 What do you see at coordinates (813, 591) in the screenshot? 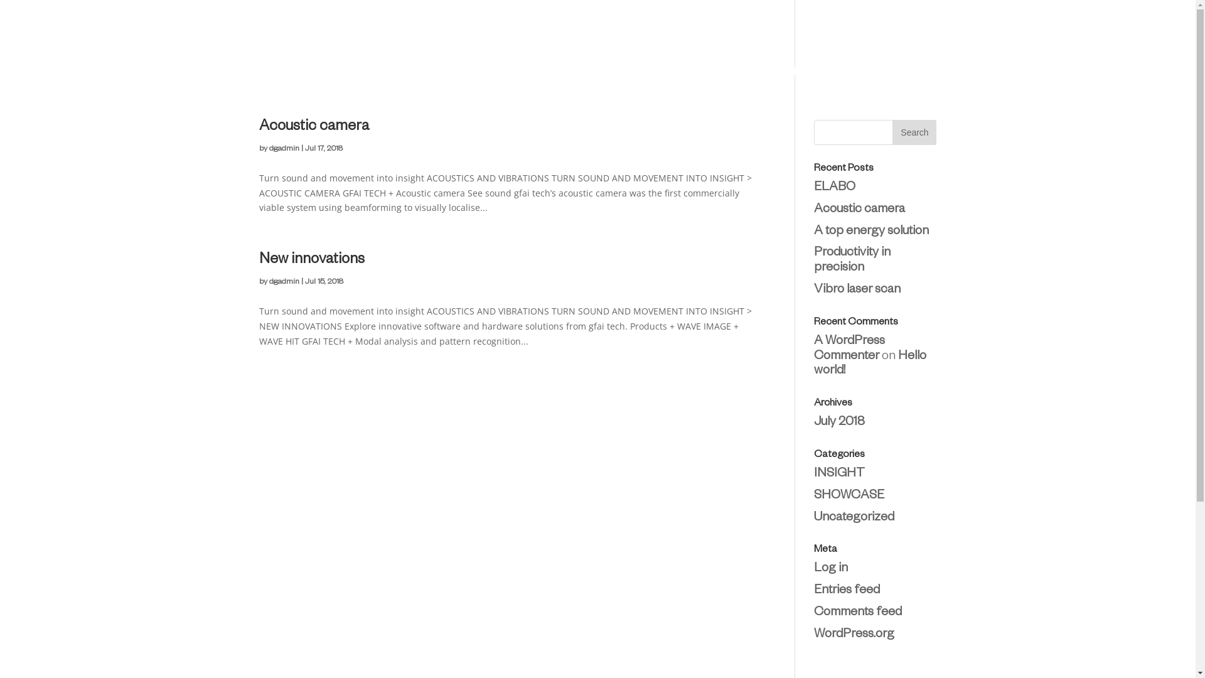
I see `'Entries feed'` at bounding box center [813, 591].